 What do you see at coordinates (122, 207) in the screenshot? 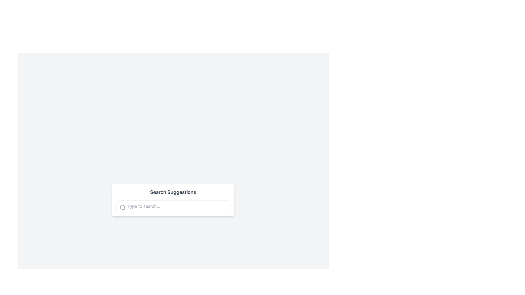
I see `the decorative icon located inside the search bar, positioned at the far left next to the text input field, indicating its purpose as a visual hint for the search functionality` at bounding box center [122, 207].